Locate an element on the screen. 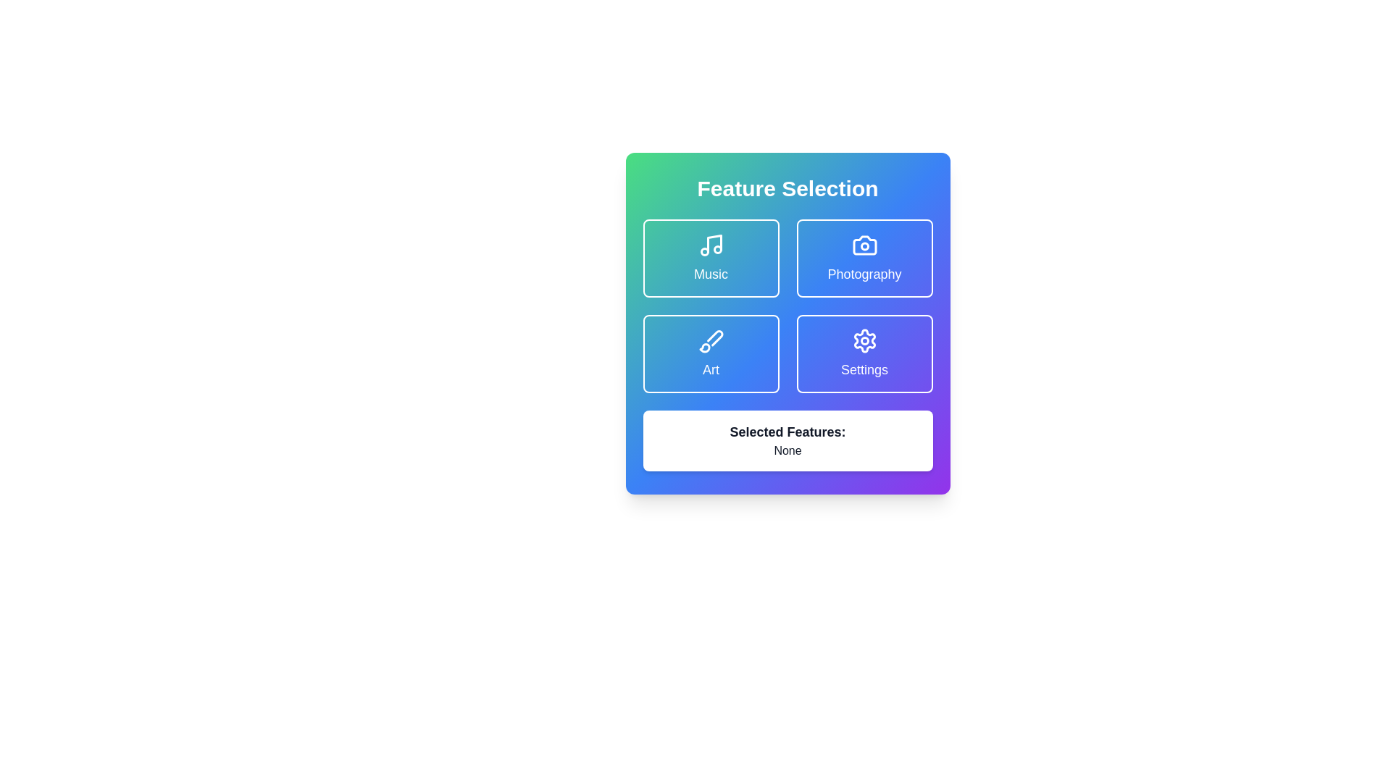 The width and height of the screenshot is (1391, 782). the decorative element of the gear icon located in the bottom-right section of the grid under the 'Settings' option is located at coordinates (864, 340).